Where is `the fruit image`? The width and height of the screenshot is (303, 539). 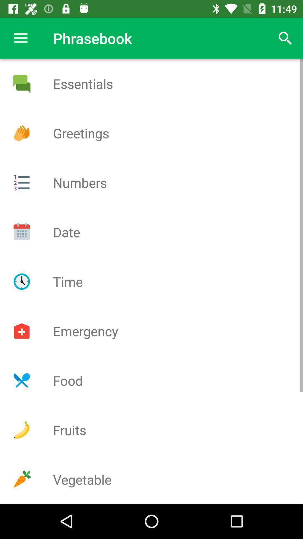 the fruit image is located at coordinates (21, 430).